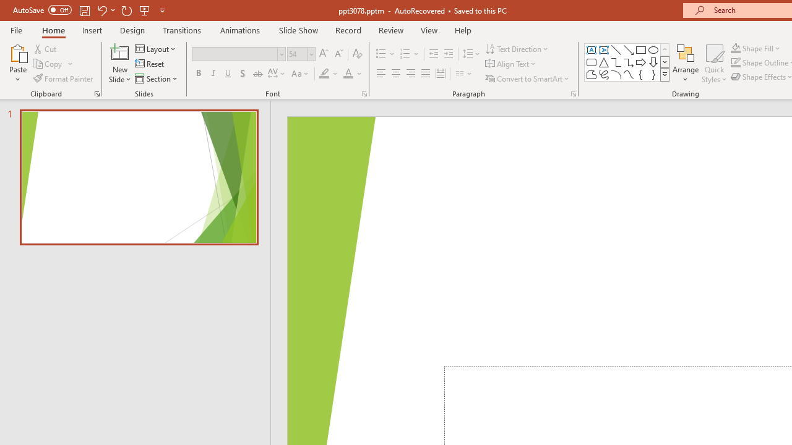  Describe the element at coordinates (736, 48) in the screenshot. I see `'Shape Fill Dark Green, Accent 2'` at that location.